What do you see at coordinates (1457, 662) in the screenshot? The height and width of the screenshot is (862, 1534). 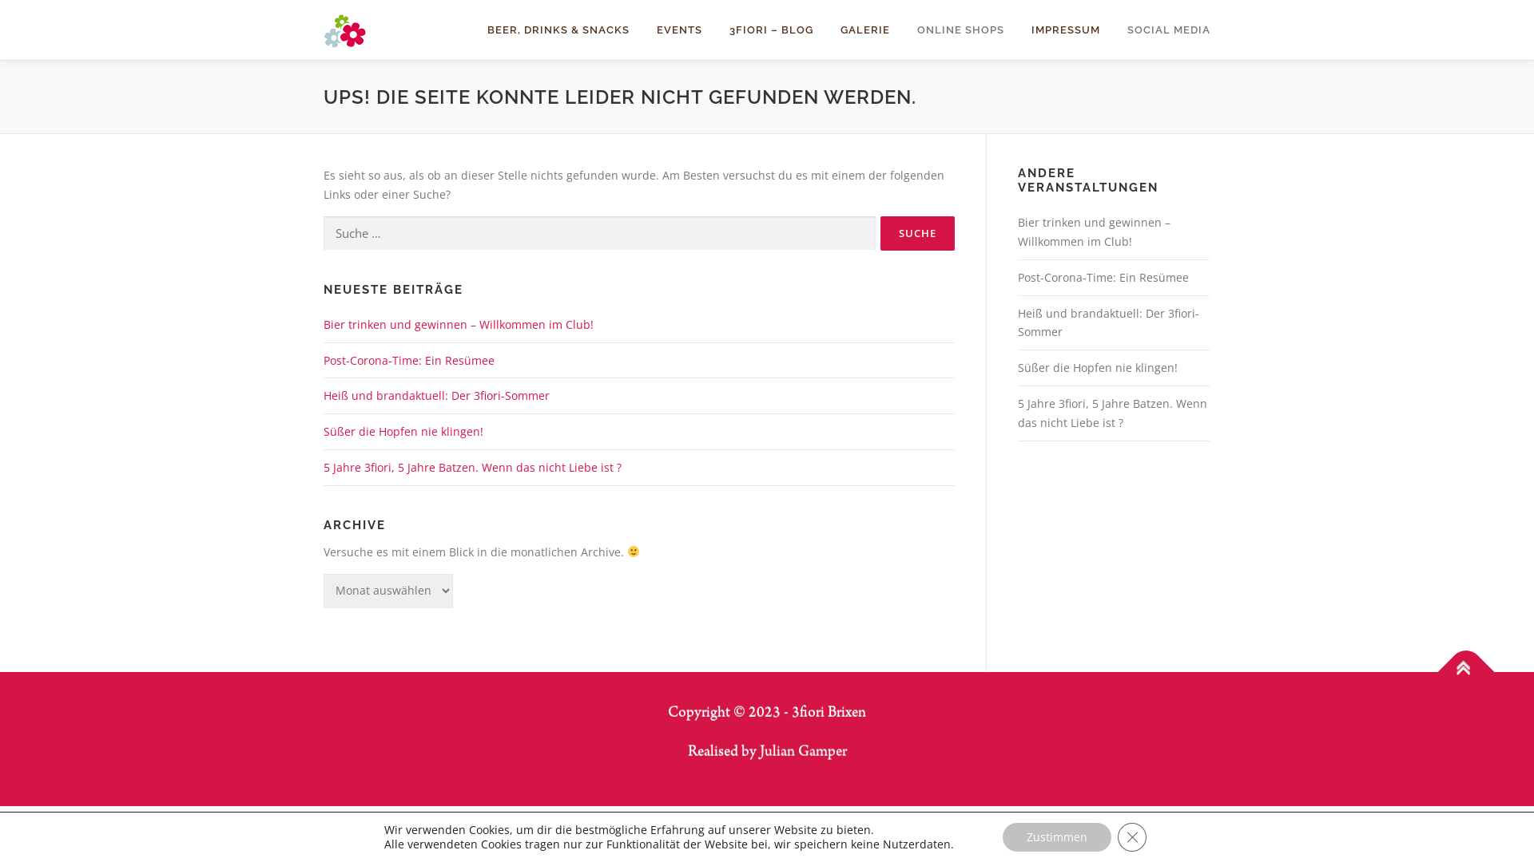 I see `'Nach Oben'` at bounding box center [1457, 662].